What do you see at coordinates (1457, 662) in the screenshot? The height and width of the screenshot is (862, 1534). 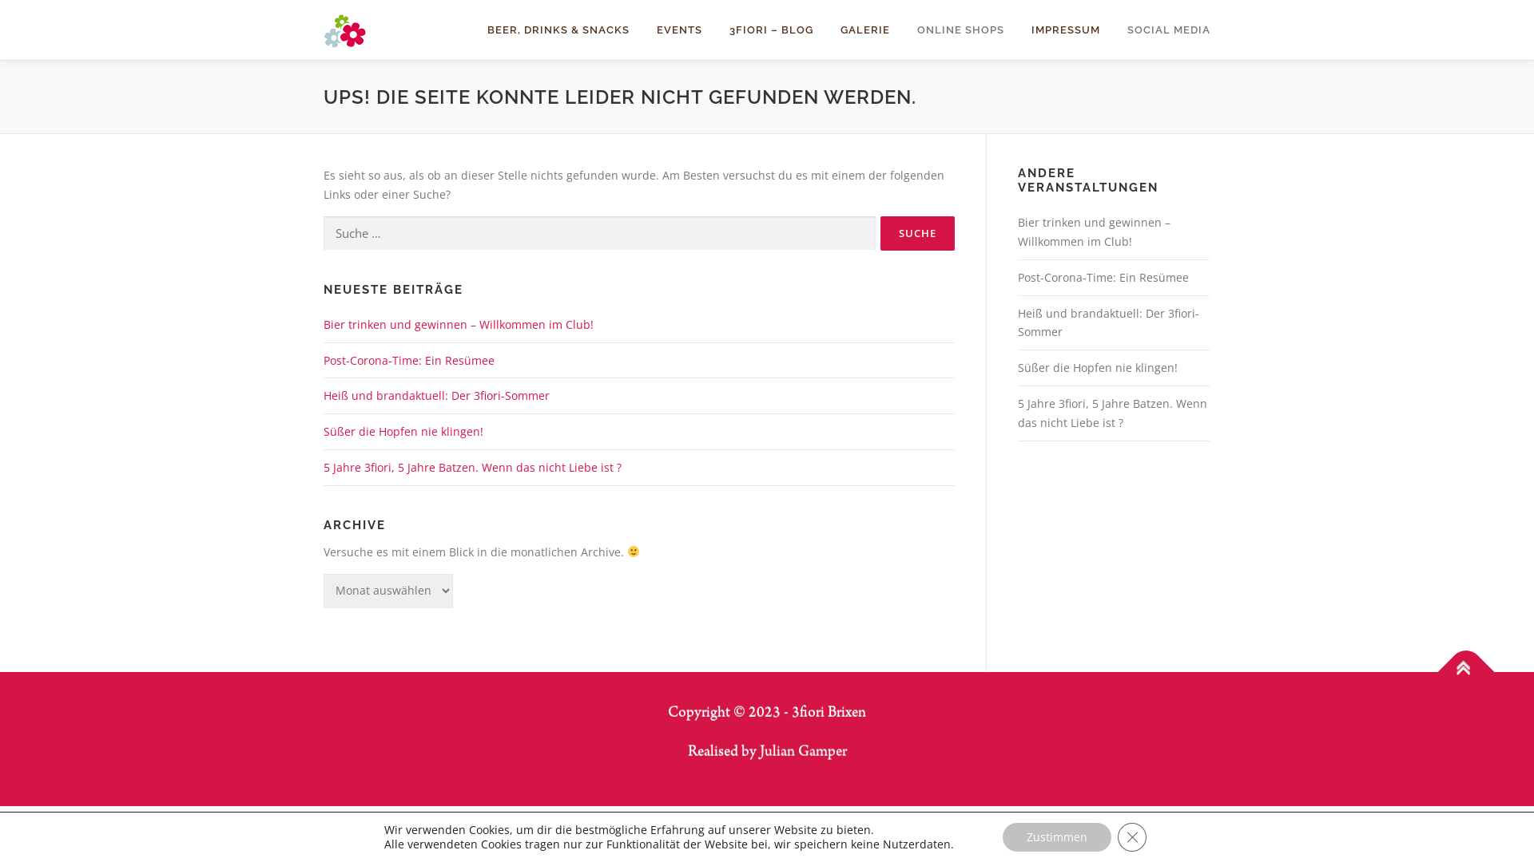 I see `'Nach Oben'` at bounding box center [1457, 662].